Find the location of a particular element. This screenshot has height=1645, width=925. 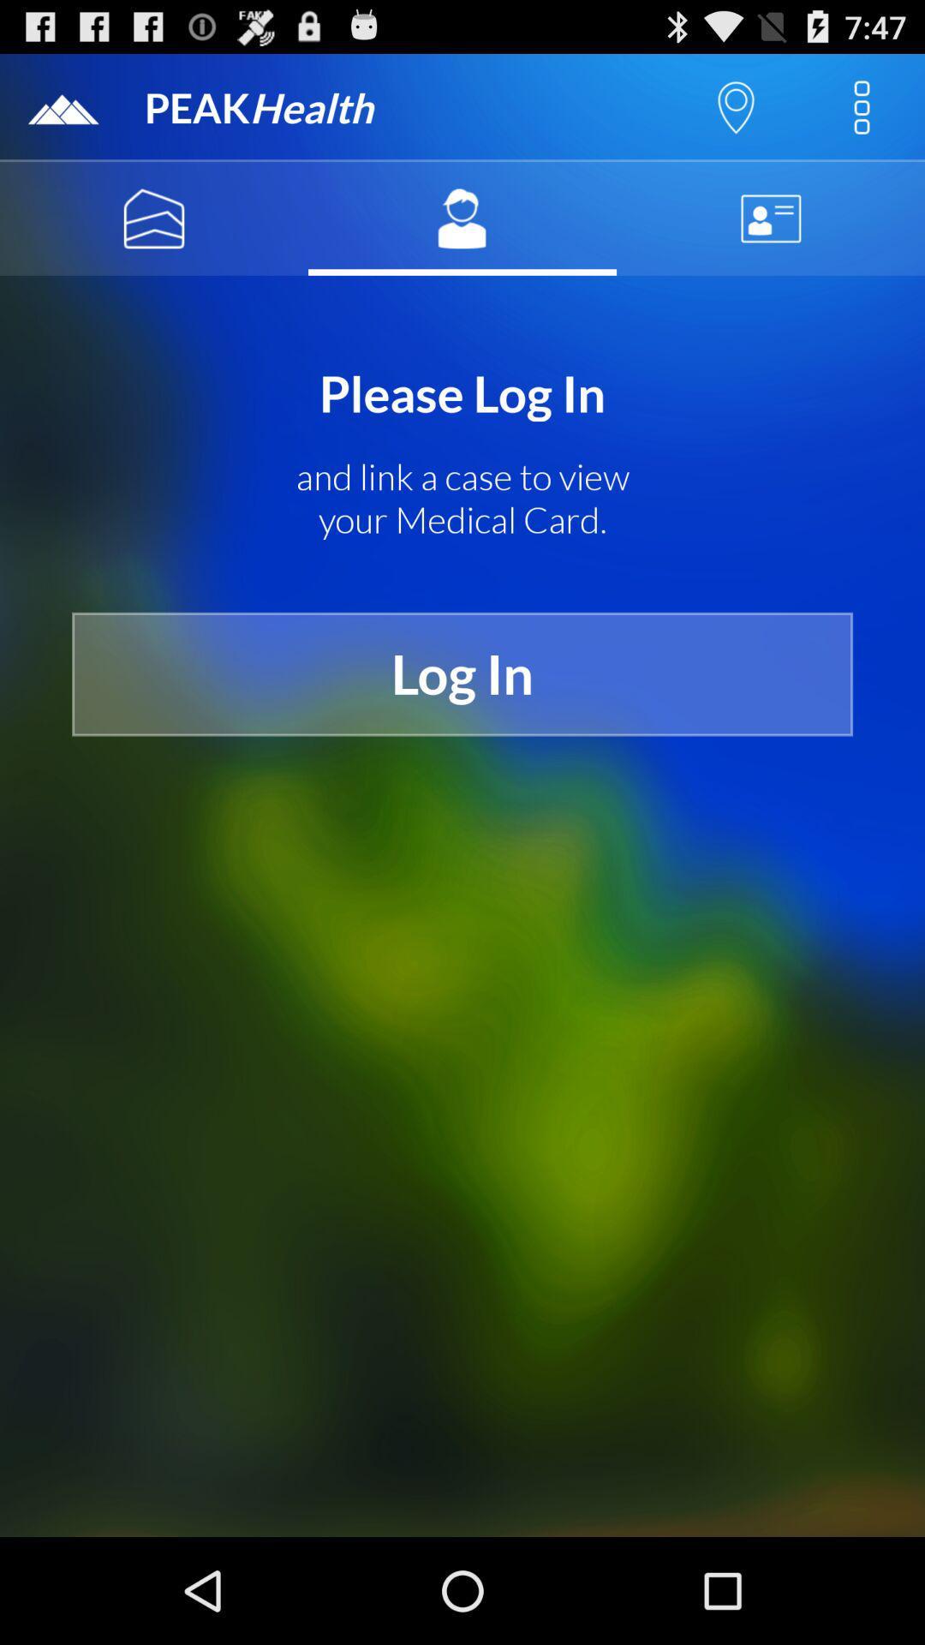

the item above the please log in icon is located at coordinates (769, 218).